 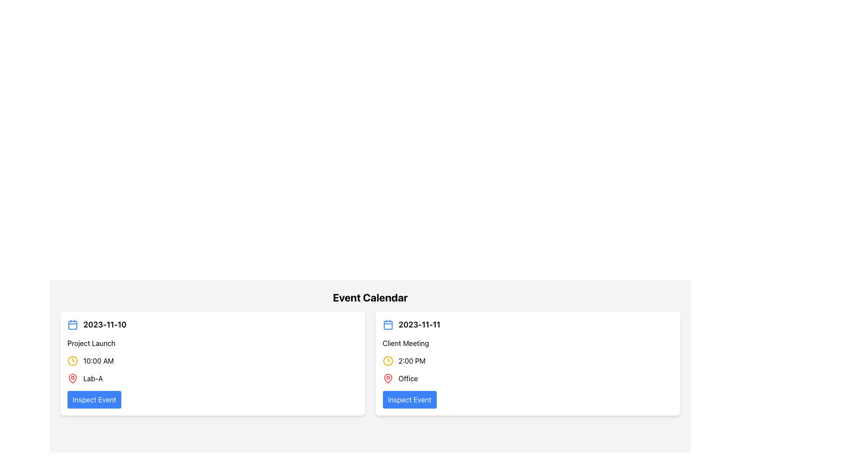 What do you see at coordinates (85, 378) in the screenshot?
I see `the non-interactive text label displaying the location information, positioned at the bottom-left area of the event card beneath the '10:00 AM' time detail` at bounding box center [85, 378].